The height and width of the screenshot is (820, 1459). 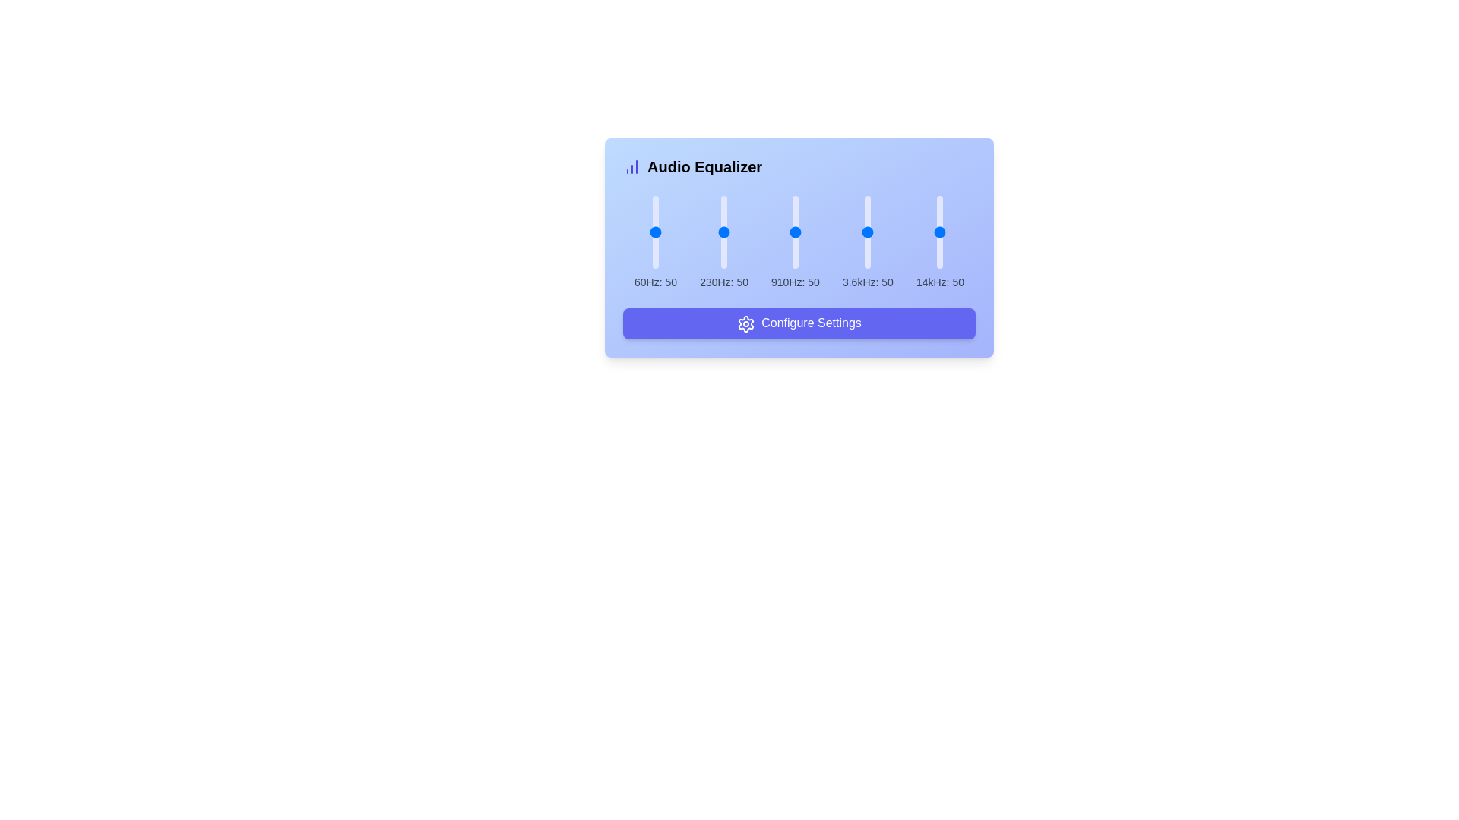 I want to click on information displayed on the text label indicating the frequency (3.6kHz) and its value (50) for the equalizer setting, which is positioned below the vertical slider for the 3.6kHz frequency in the audio equalizer interface, so click(x=868, y=282).